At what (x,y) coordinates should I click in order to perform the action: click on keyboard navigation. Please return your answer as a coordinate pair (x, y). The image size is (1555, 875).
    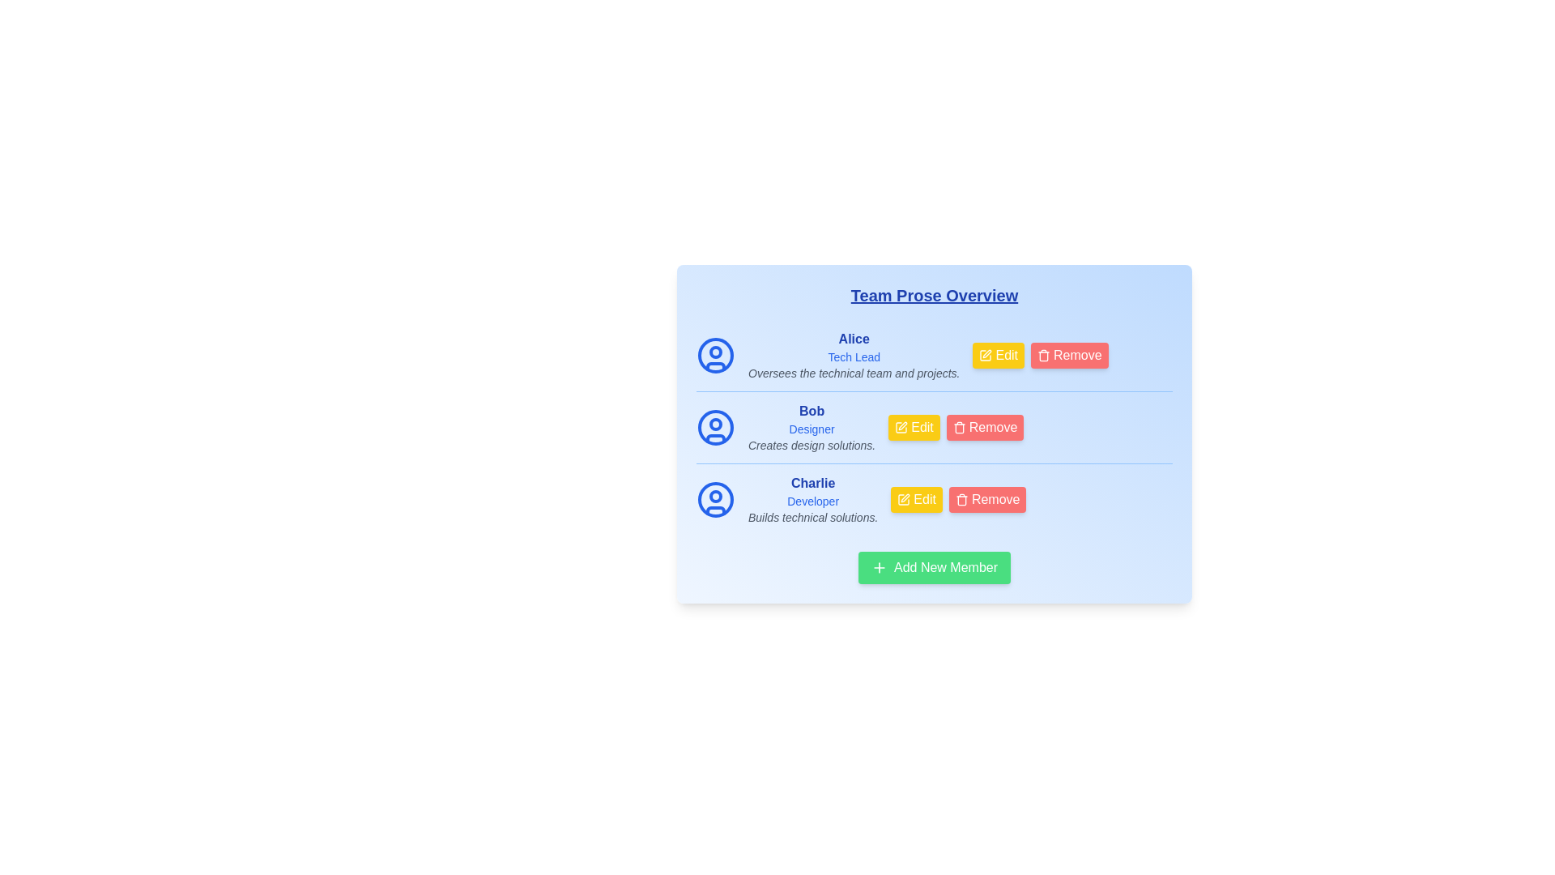
    Looking at the image, I should click on (934, 433).